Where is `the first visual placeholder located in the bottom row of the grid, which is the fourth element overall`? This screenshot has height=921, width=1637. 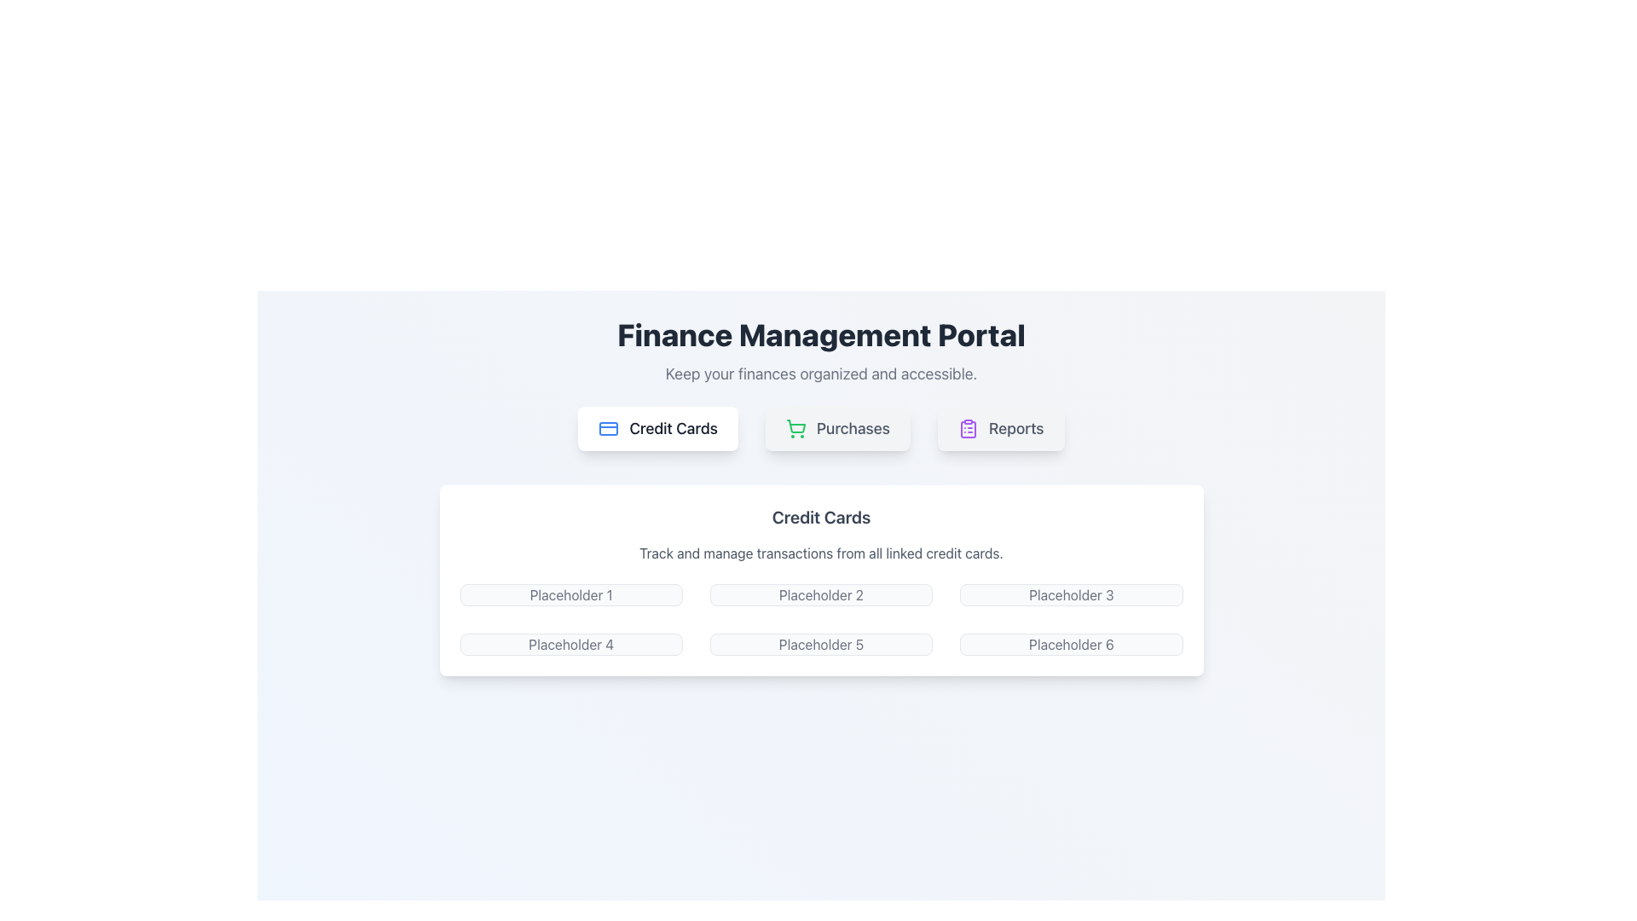 the first visual placeholder located in the bottom row of the grid, which is the fourth element overall is located at coordinates (571, 645).